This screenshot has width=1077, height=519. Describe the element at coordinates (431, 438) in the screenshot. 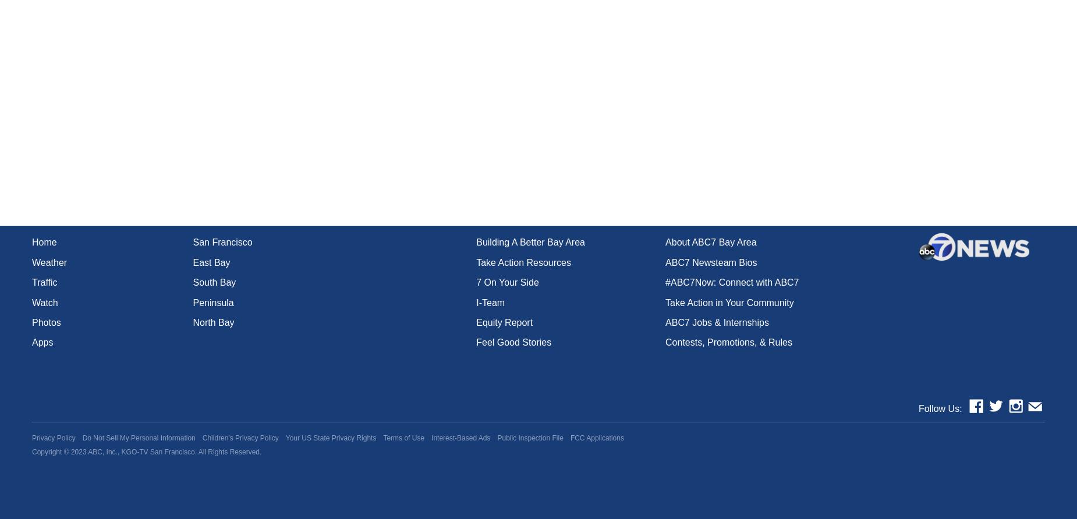

I see `'Interest-Based Ads'` at that location.